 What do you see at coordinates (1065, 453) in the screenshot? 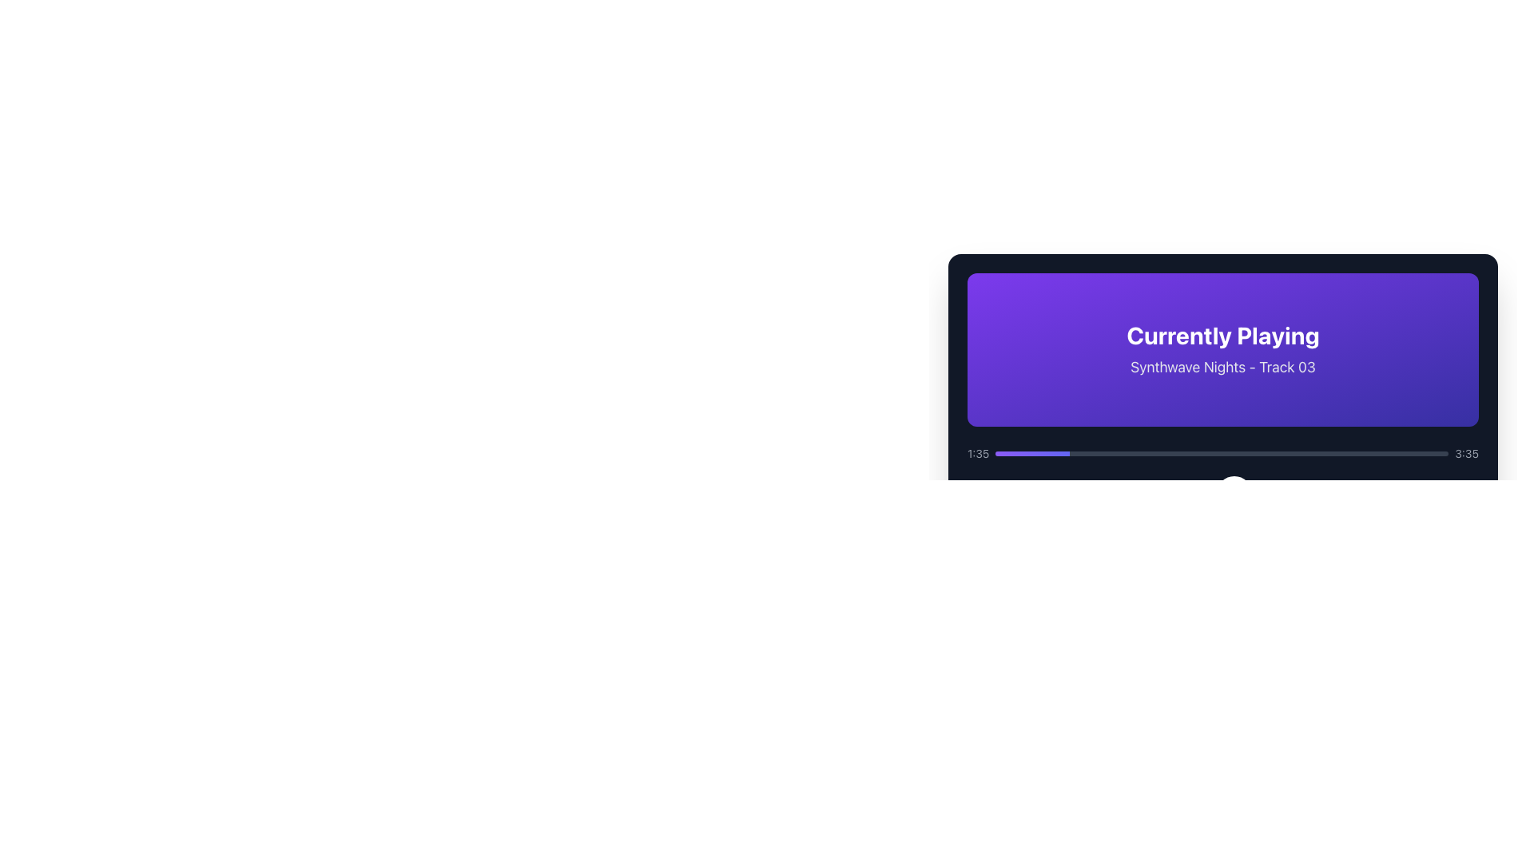
I see `the playback position` at bounding box center [1065, 453].